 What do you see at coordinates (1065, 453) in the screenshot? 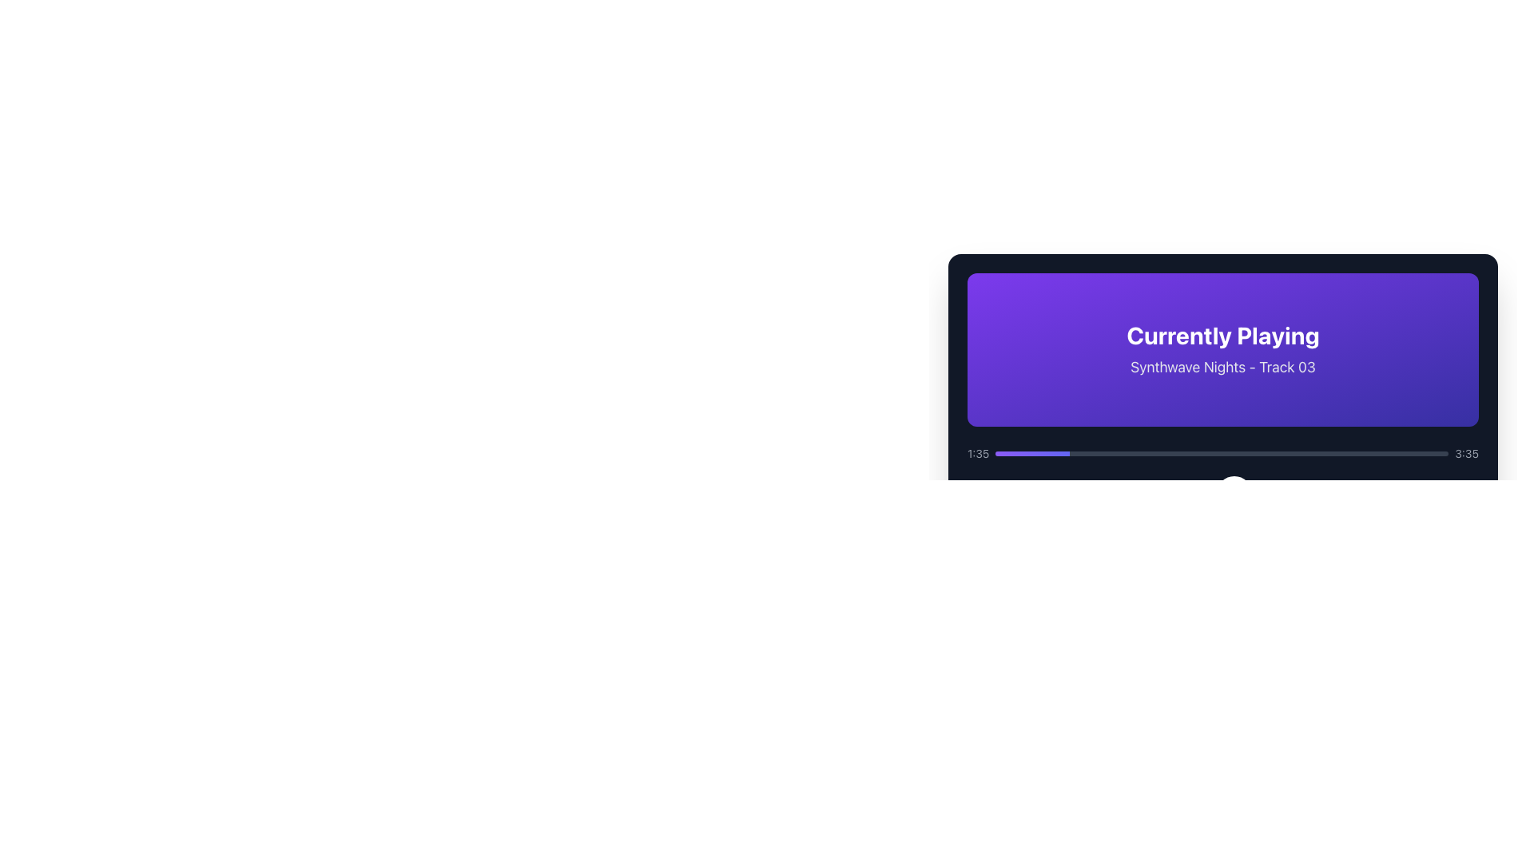
I see `the playback position` at bounding box center [1065, 453].